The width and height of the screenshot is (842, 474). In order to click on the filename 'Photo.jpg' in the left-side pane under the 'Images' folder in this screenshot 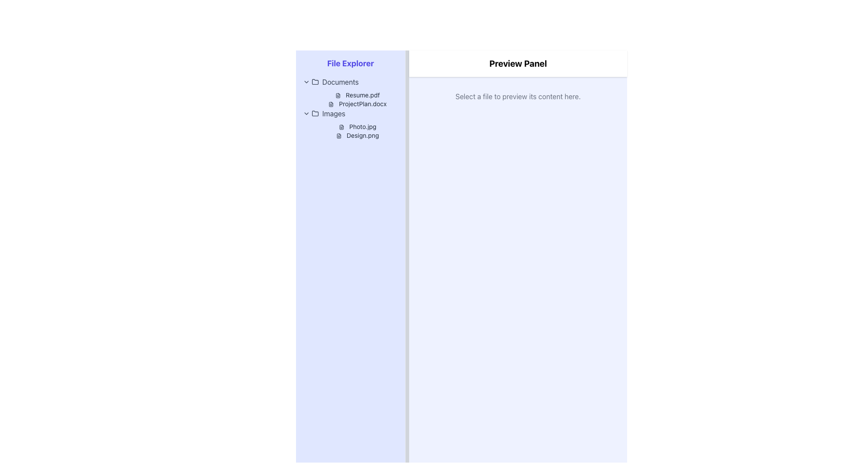, I will do `click(350, 131)`.